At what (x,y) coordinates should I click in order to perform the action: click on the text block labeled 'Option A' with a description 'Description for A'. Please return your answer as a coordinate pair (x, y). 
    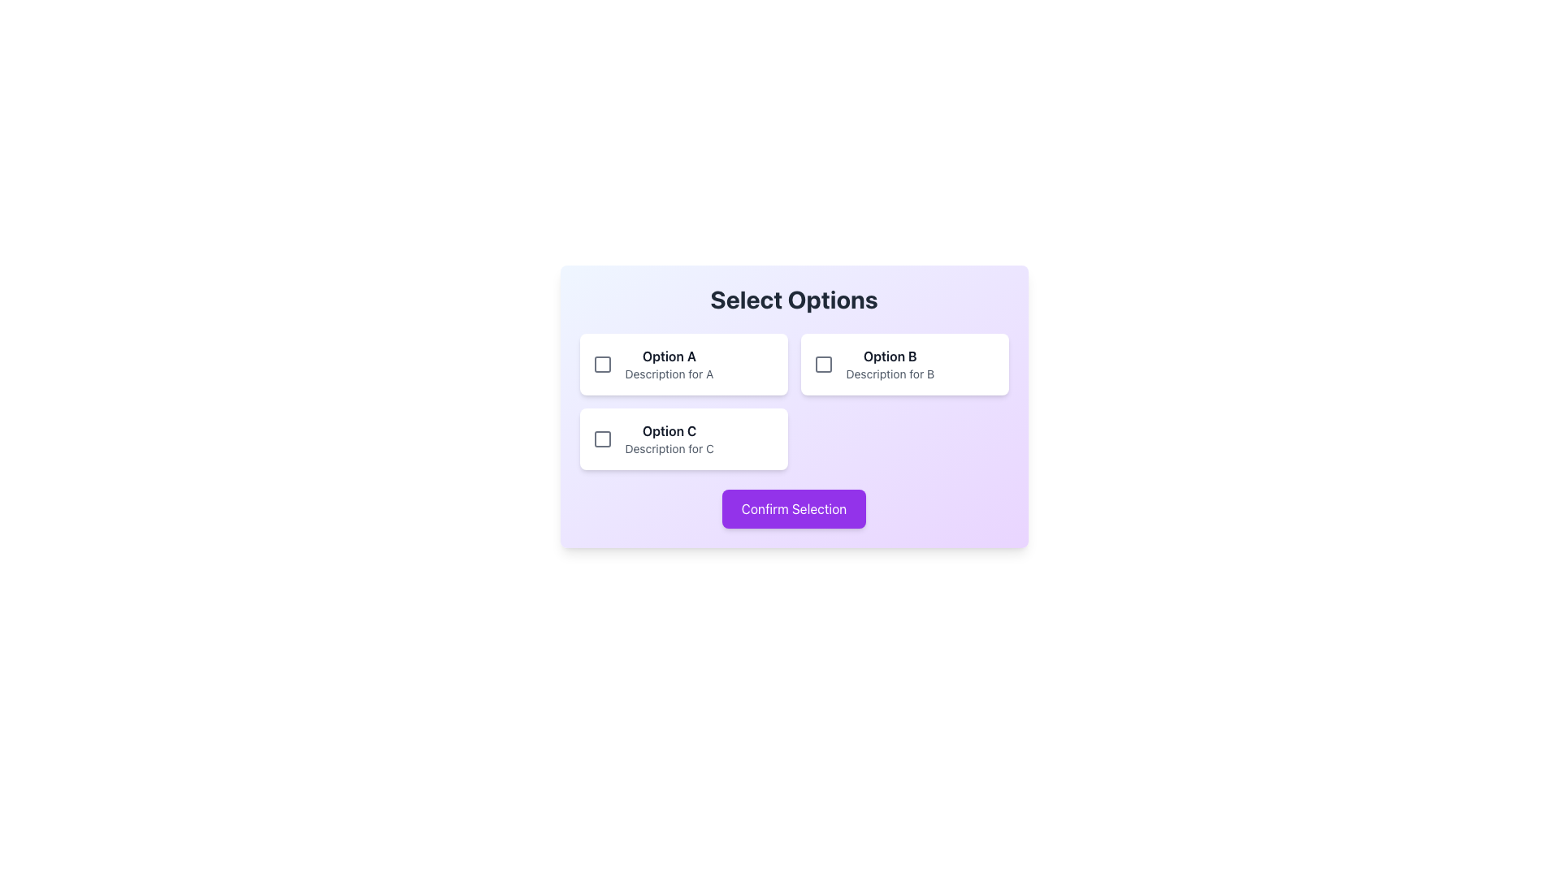
    Looking at the image, I should click on (669, 363).